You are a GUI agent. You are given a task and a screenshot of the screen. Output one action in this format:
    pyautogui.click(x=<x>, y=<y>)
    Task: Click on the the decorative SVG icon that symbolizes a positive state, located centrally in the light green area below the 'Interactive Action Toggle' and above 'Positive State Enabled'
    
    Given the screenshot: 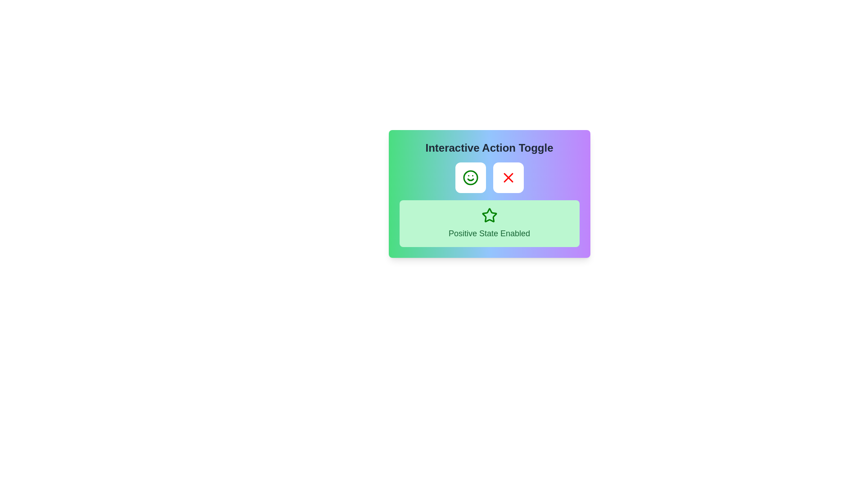 What is the action you would take?
    pyautogui.click(x=489, y=215)
    